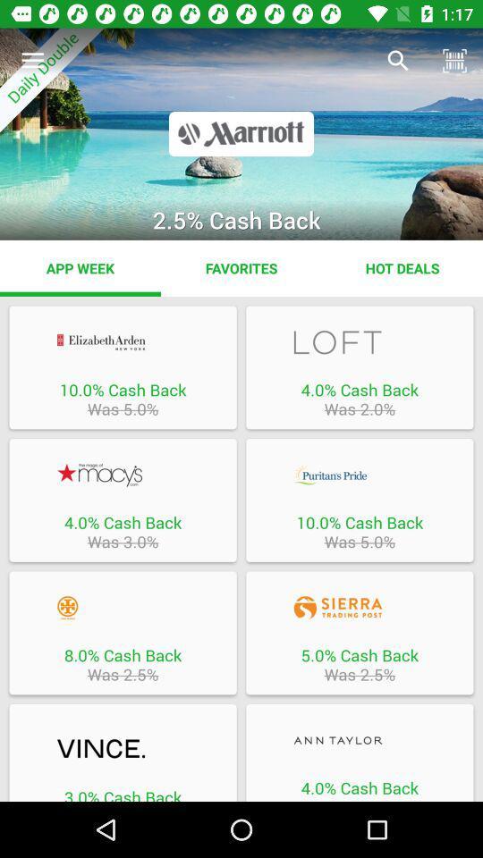  I want to click on item next to the favorites icon, so click(80, 267).